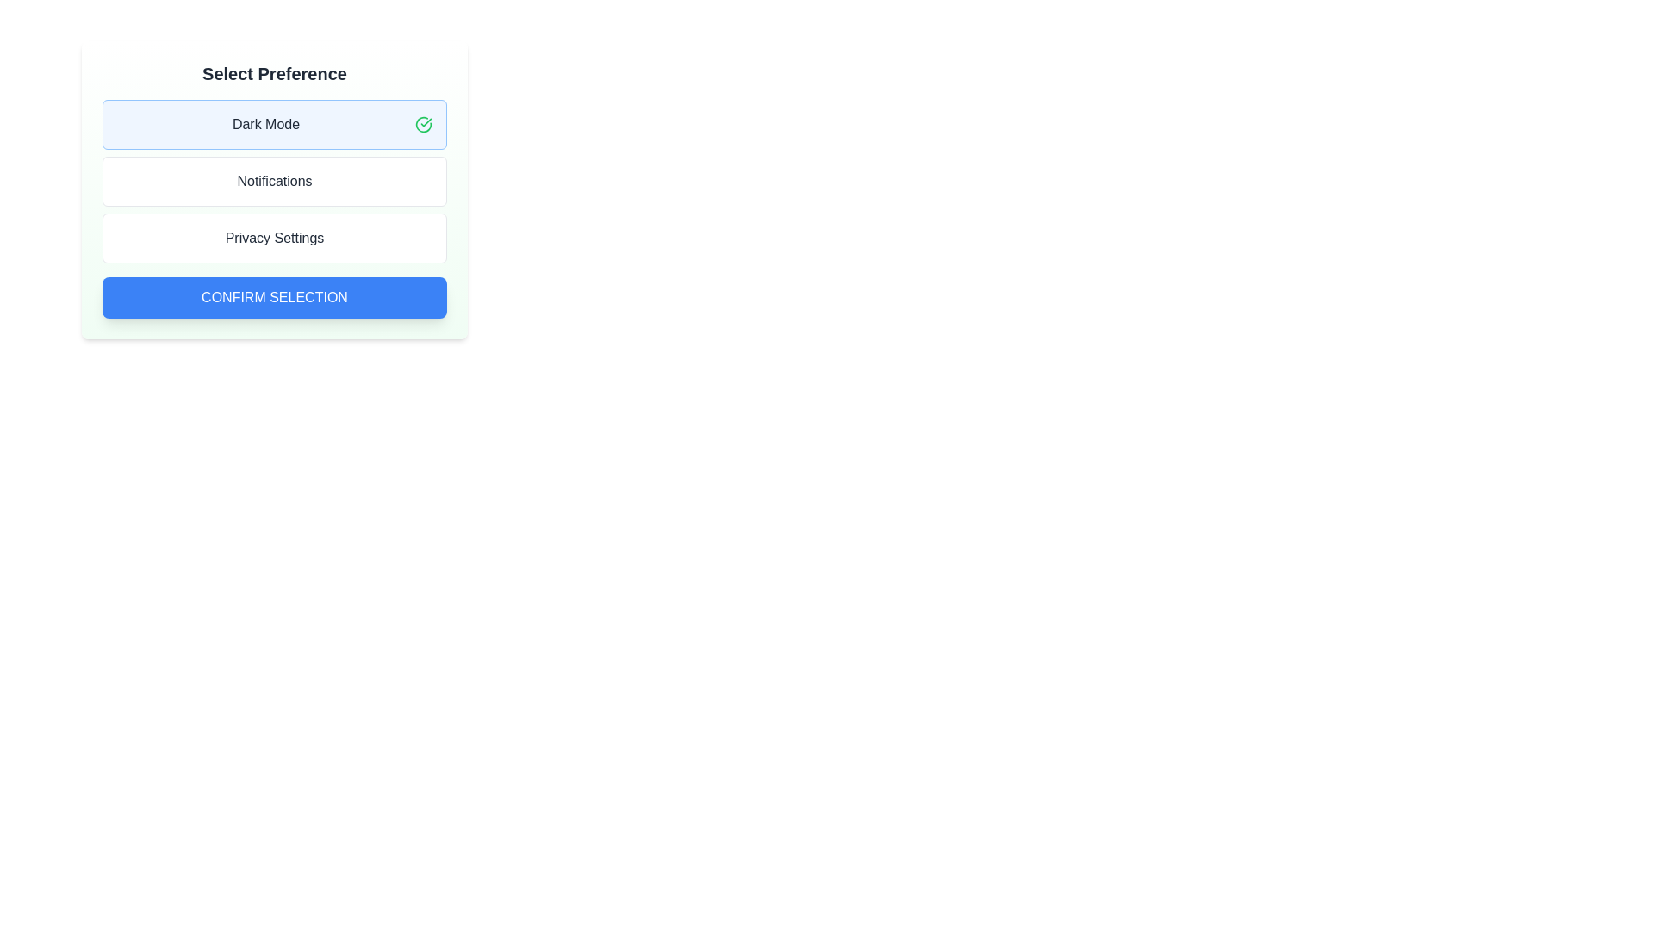 The image size is (1654, 930). I want to click on the notification settings button, which is the second item in a vertical list of options located below 'Dark Mode' and above 'Privacy Settings', so click(273, 182).